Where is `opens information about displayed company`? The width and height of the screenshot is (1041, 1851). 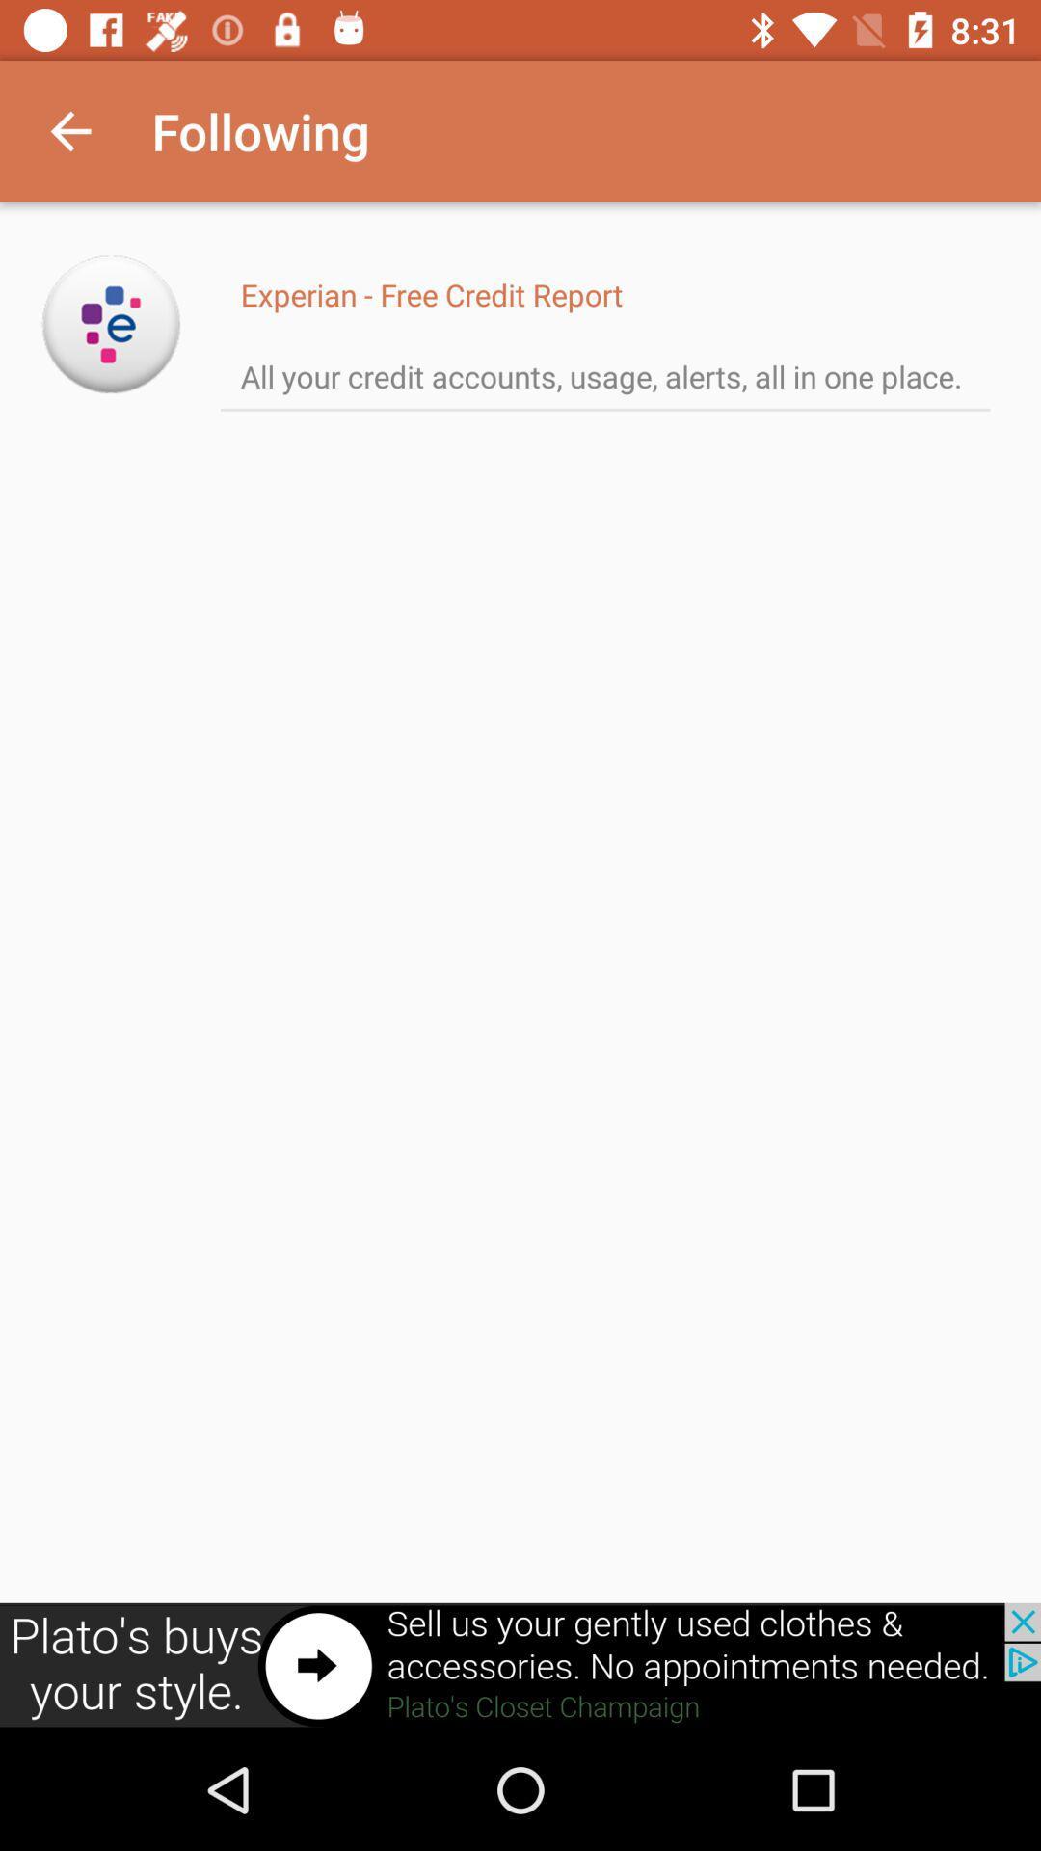
opens information about displayed company is located at coordinates (111, 324).